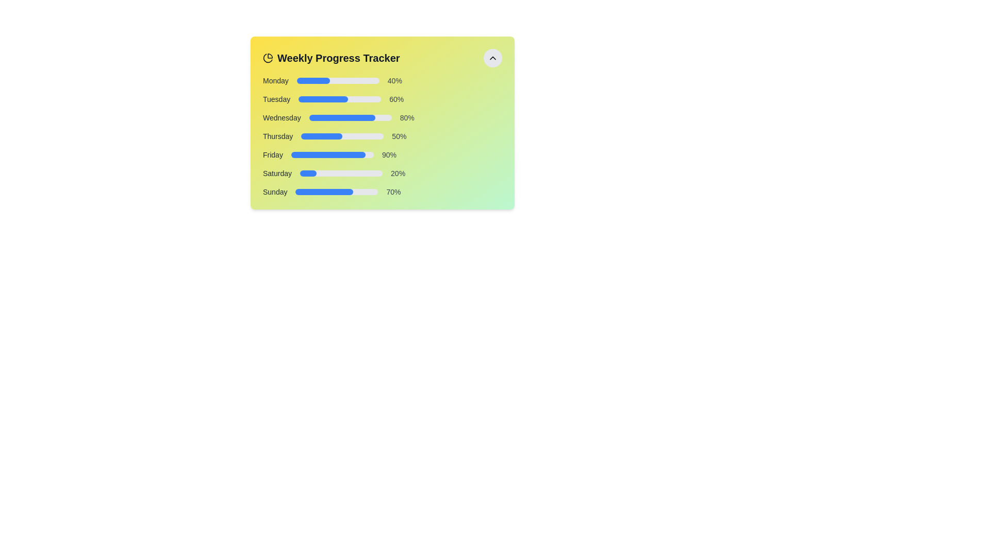  I want to click on the text label displaying '20%' in the 'Weekly Progress Tracker' section, located in the 'Saturday' row, which is styled with a small font size and gray color, so click(398, 172).